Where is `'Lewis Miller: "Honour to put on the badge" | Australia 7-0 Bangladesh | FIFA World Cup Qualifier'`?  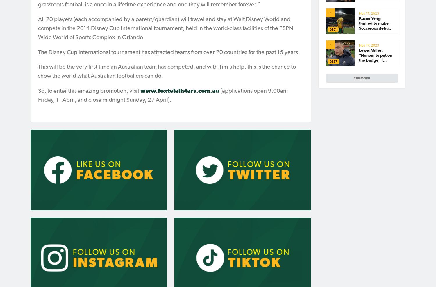 'Lewis Miller: "Honour to put on the badge" | Australia 7-0 Bangladesh | FIFA World Cup Qualifier' is located at coordinates (358, 65).